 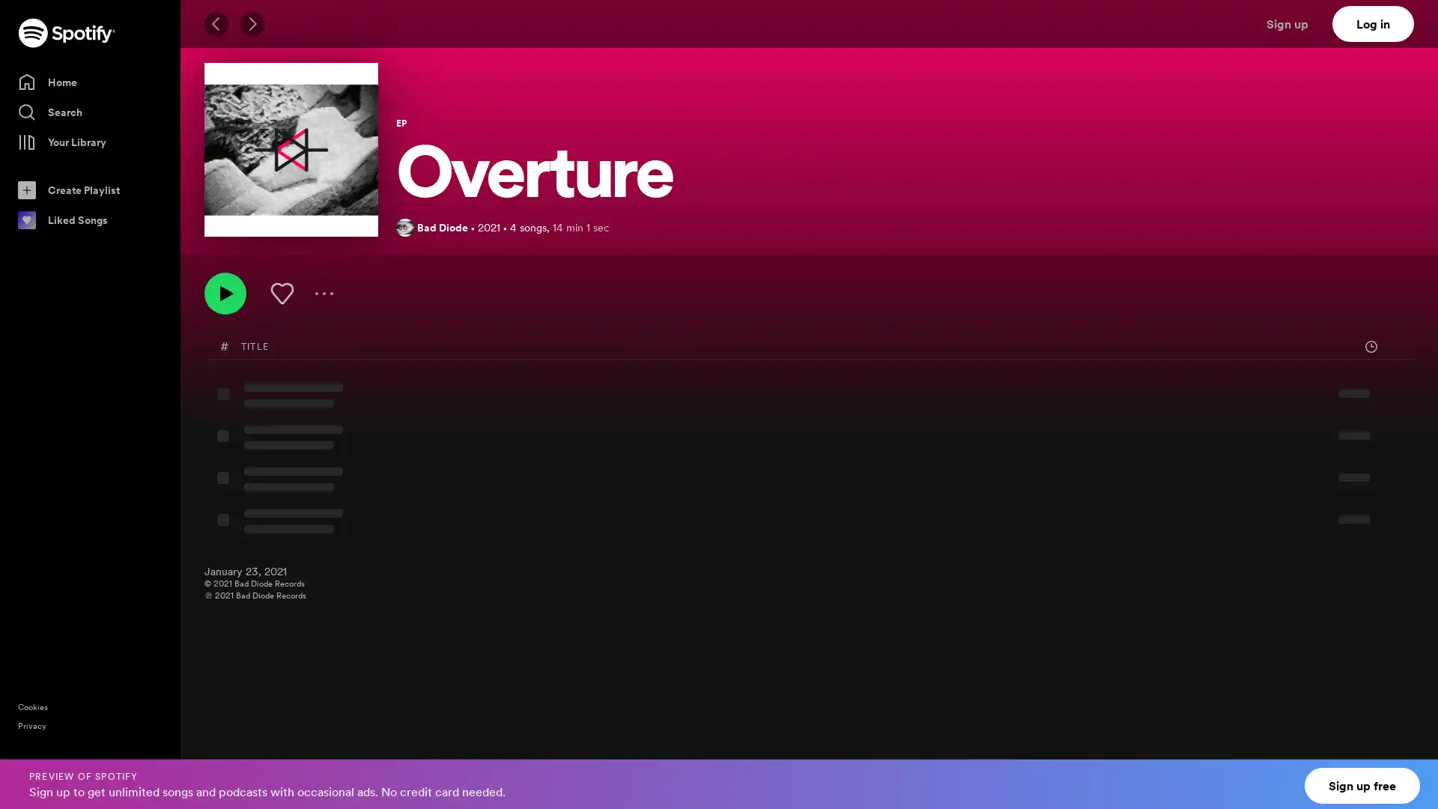 What do you see at coordinates (1362, 785) in the screenshot?
I see `Sign up free` at bounding box center [1362, 785].